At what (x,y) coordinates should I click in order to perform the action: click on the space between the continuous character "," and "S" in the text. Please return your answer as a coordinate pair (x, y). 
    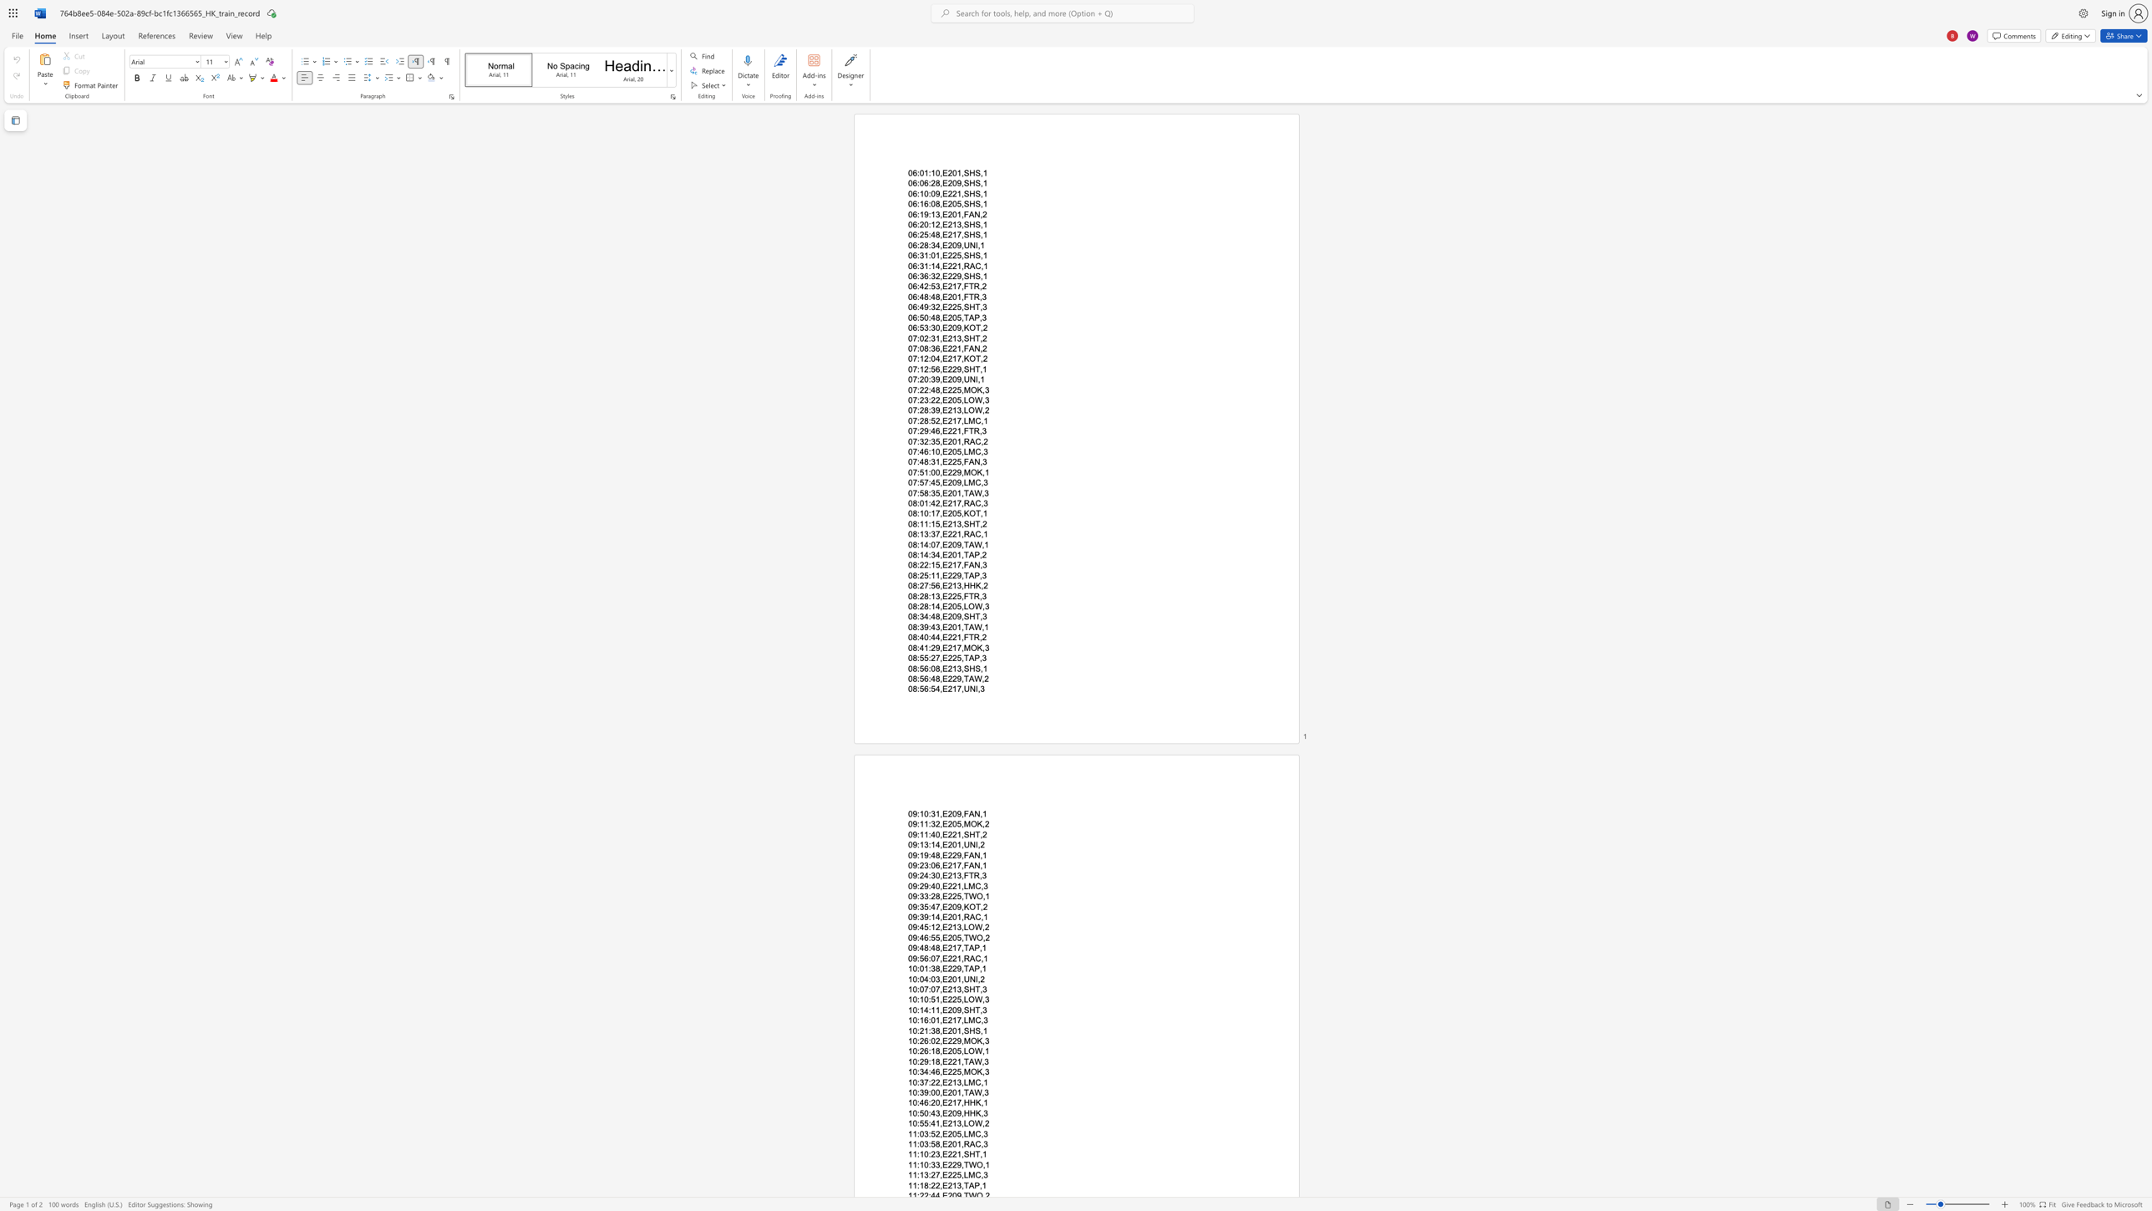
    Looking at the image, I should click on (963, 173).